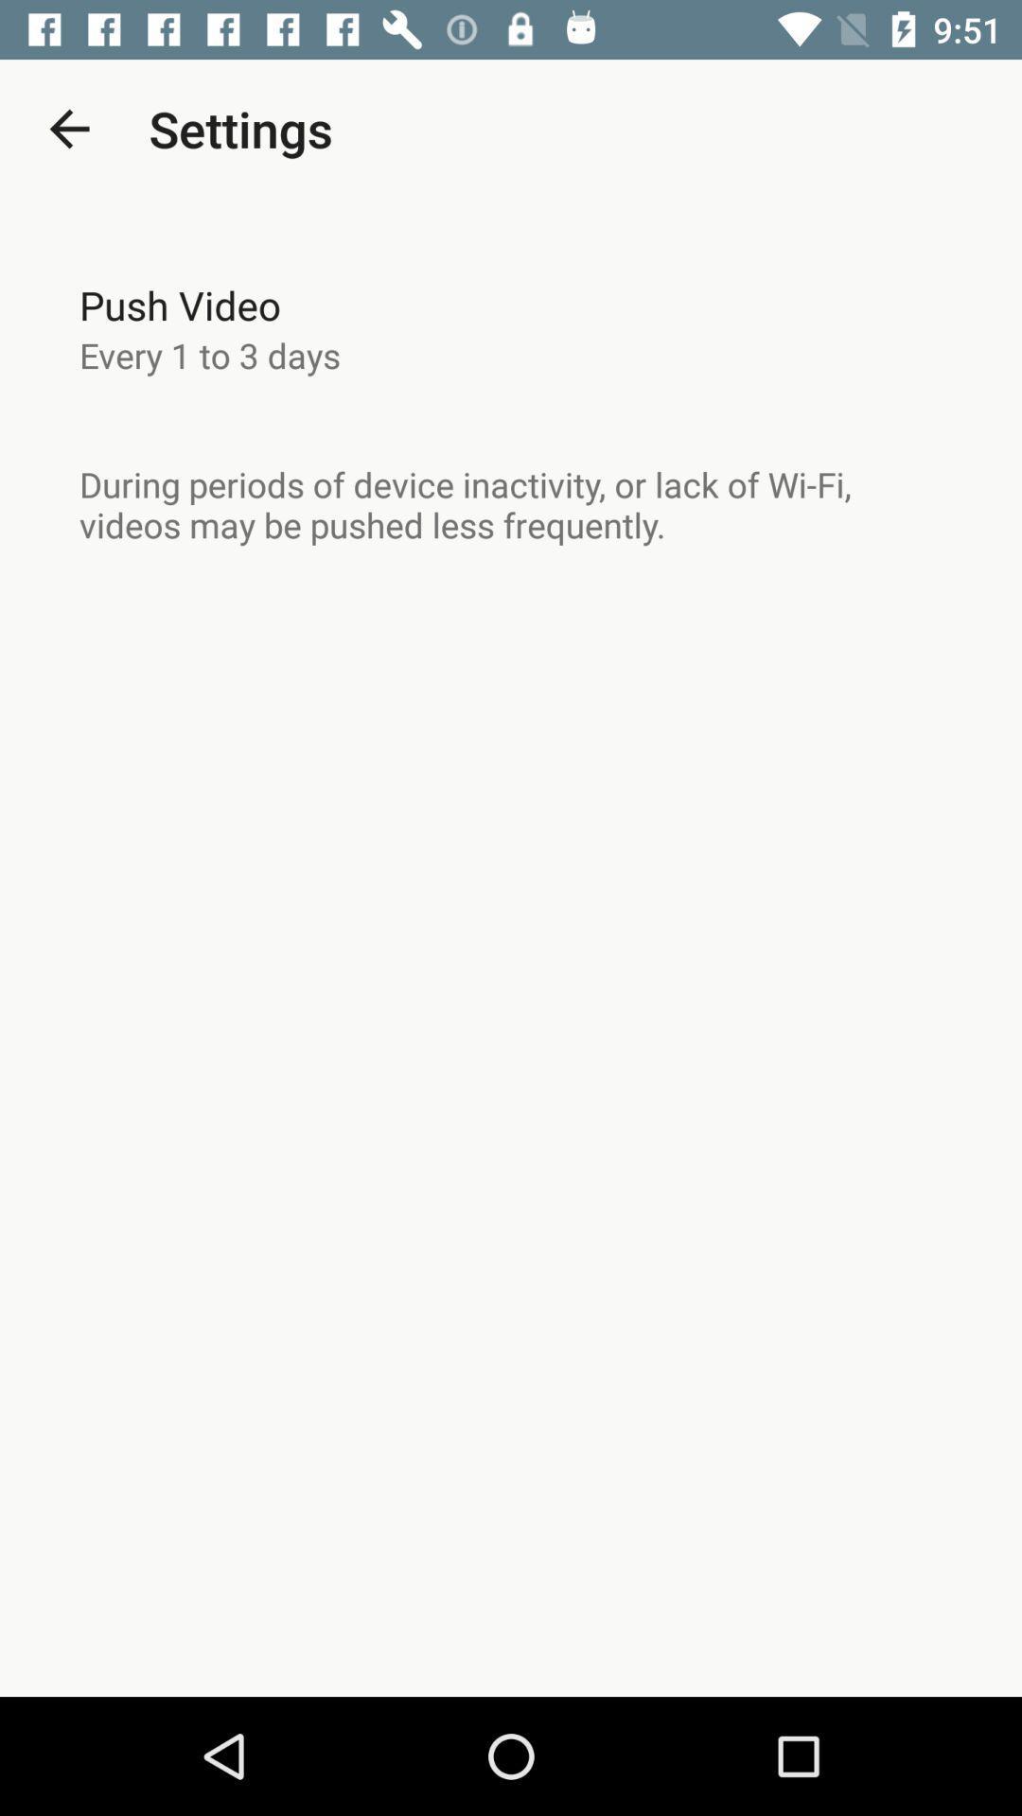 This screenshot has height=1816, width=1022. Describe the element at coordinates (511, 504) in the screenshot. I see `the during periods of icon` at that location.